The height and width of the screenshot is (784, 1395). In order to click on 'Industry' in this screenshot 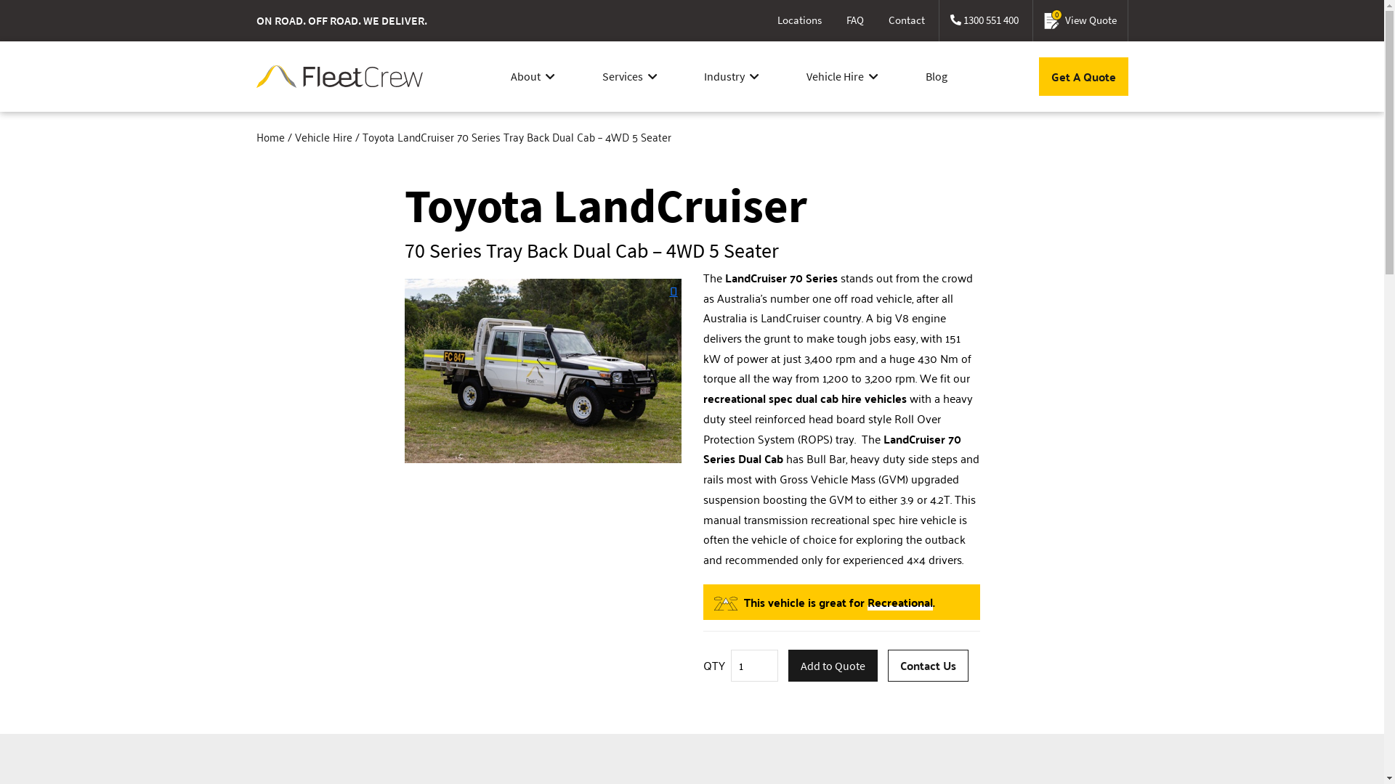, I will do `click(732, 75)`.